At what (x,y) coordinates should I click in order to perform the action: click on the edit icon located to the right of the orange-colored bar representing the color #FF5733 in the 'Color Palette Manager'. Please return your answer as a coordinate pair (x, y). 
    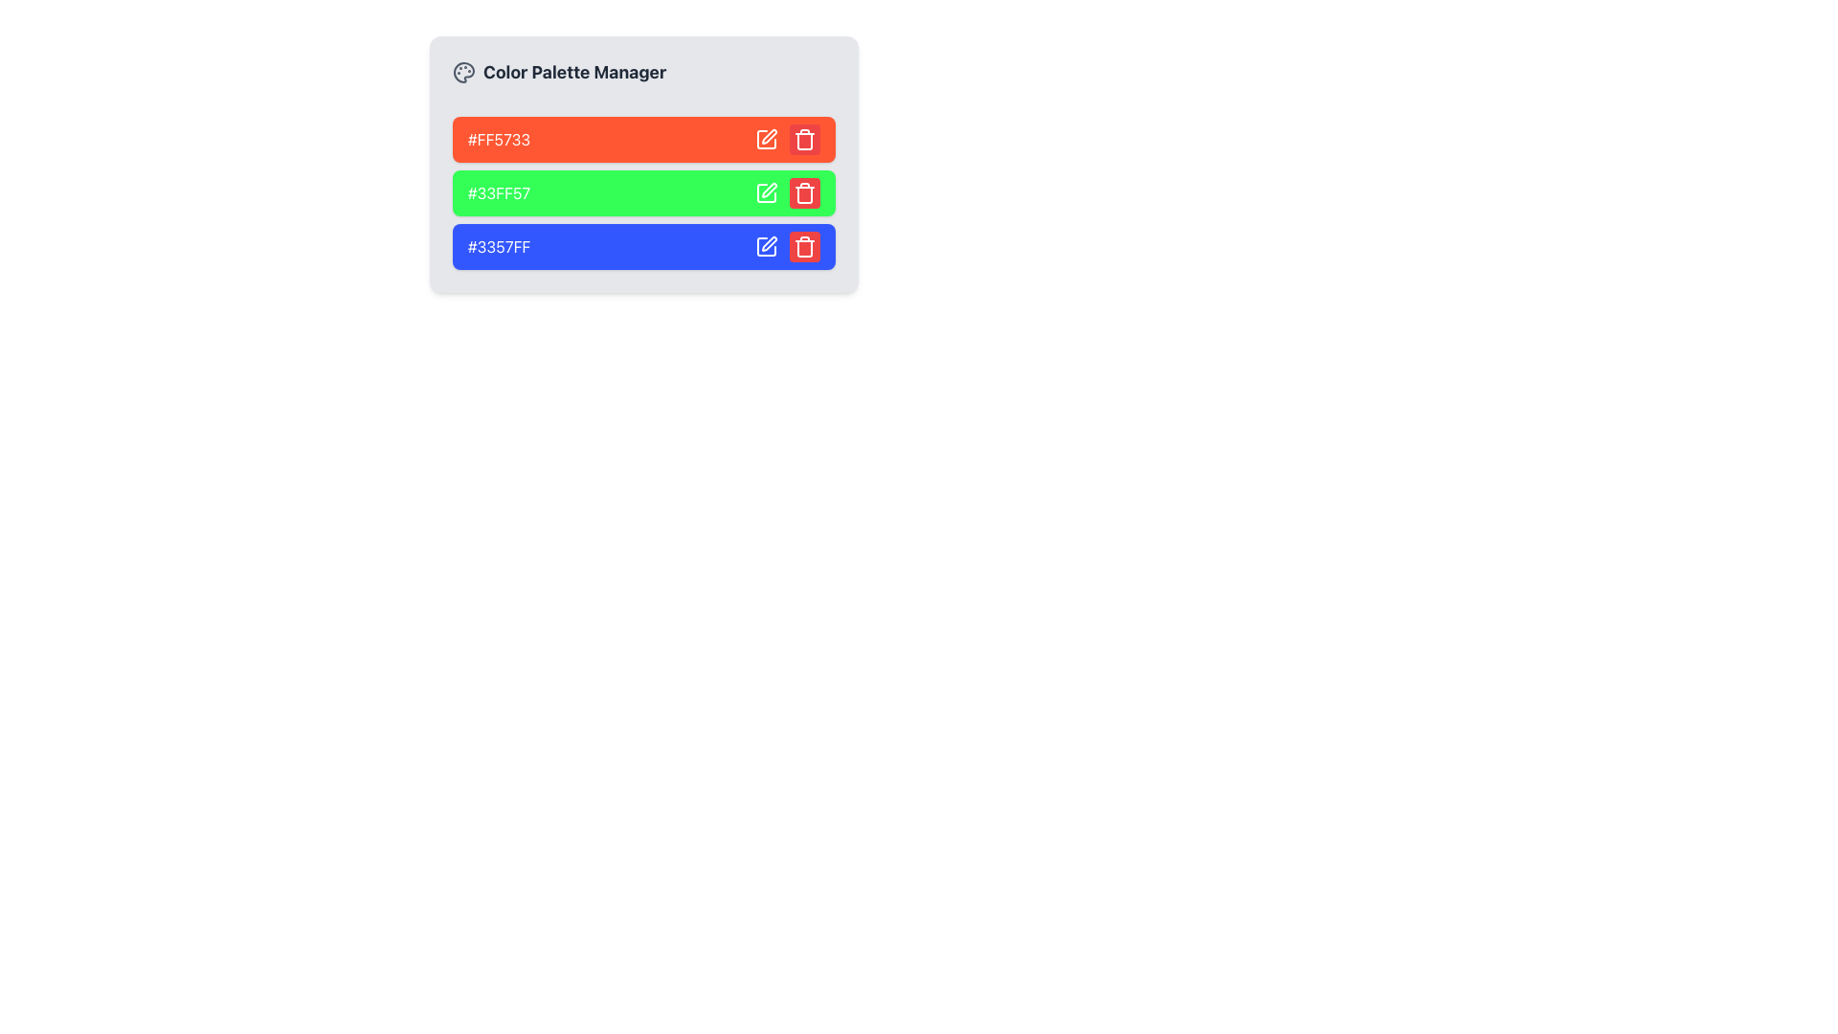
    Looking at the image, I should click on (770, 135).